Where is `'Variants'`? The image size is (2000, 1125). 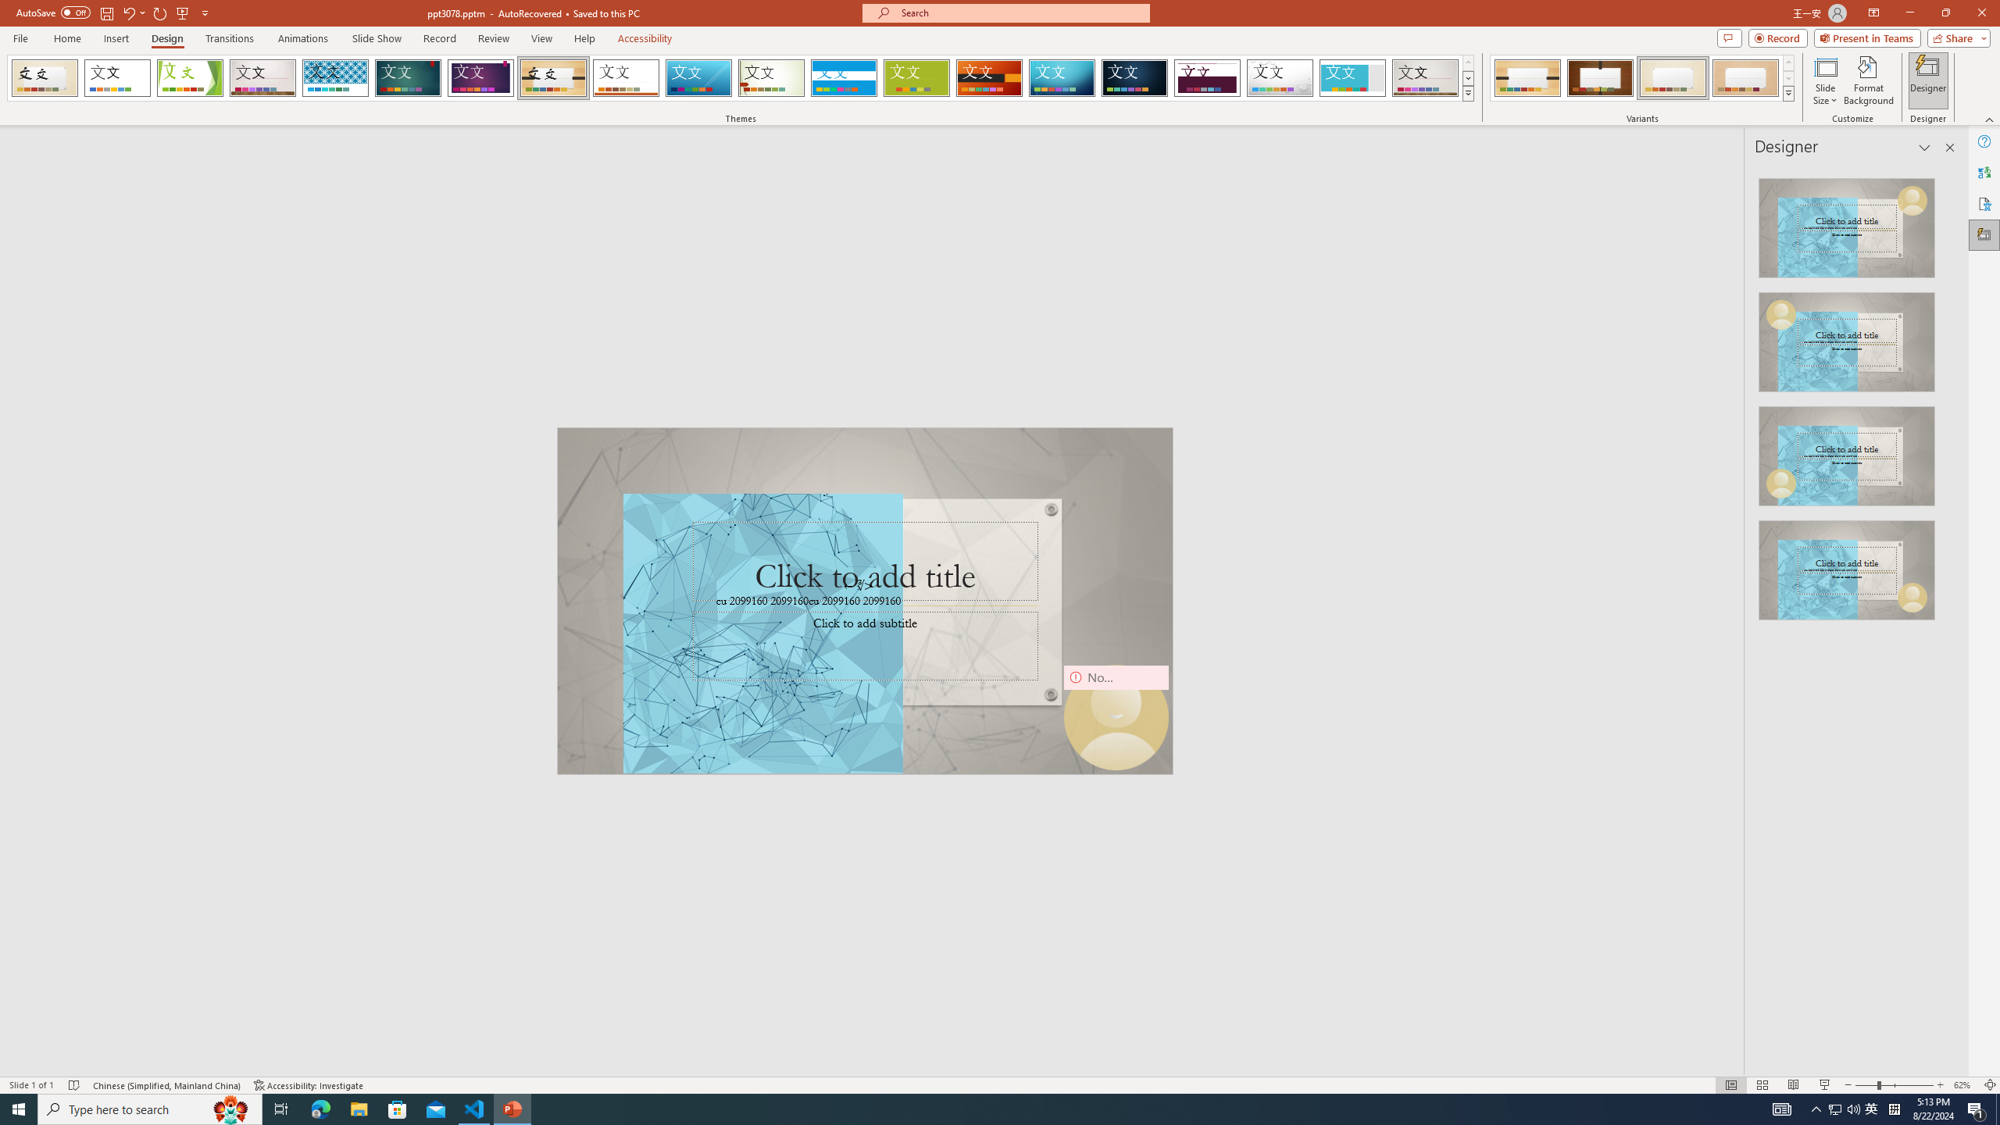
'Variants' is located at coordinates (1787, 92).